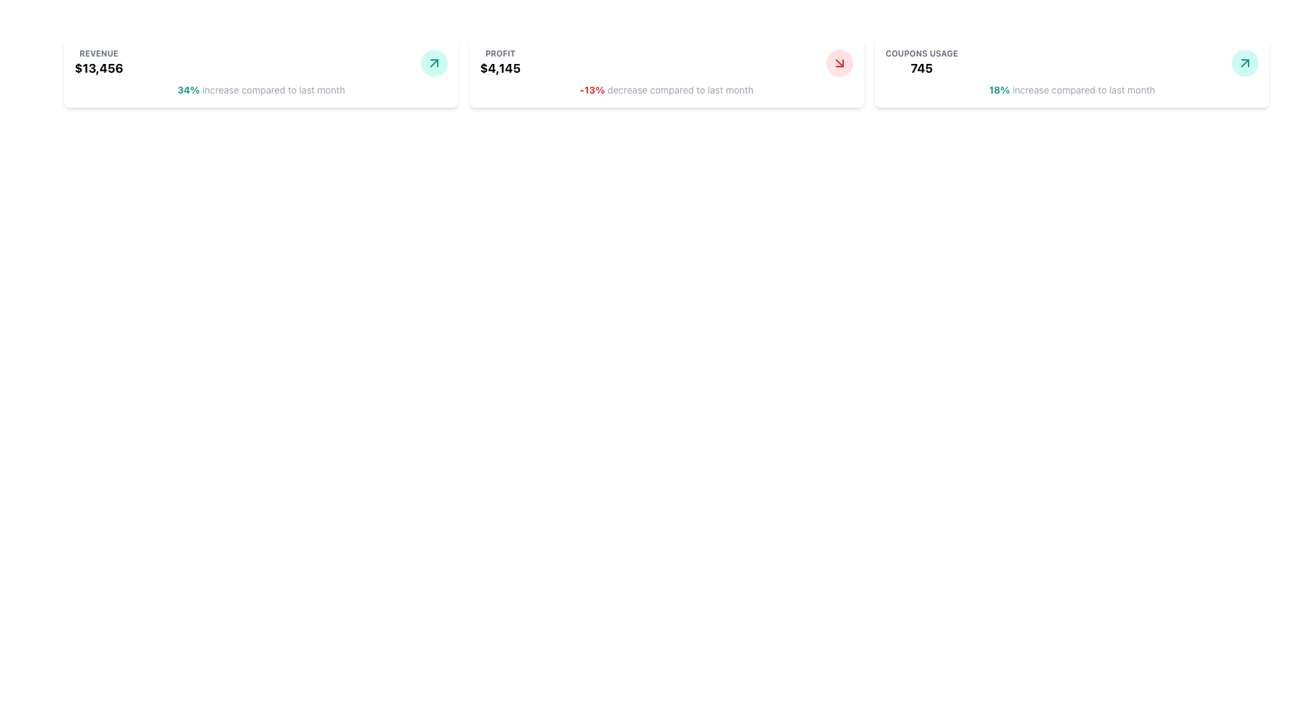 The width and height of the screenshot is (1293, 727). Describe the element at coordinates (839, 63) in the screenshot. I see `the red downward-right arrow icon located in the upper-right corner of the second card from the left` at that location.